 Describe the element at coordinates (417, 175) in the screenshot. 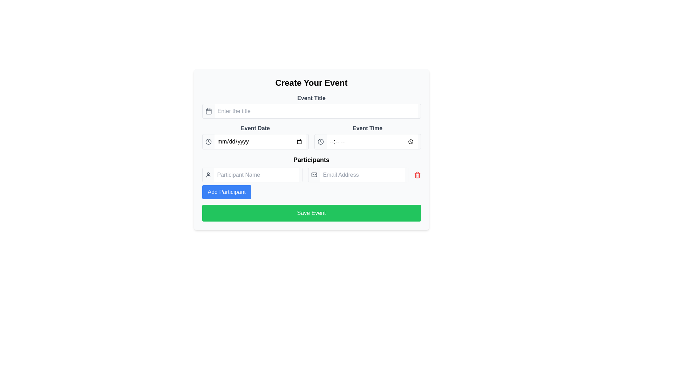

I see `the trash can icon representing delete functionality located in the Participants section adjacent to the email address input field` at that location.